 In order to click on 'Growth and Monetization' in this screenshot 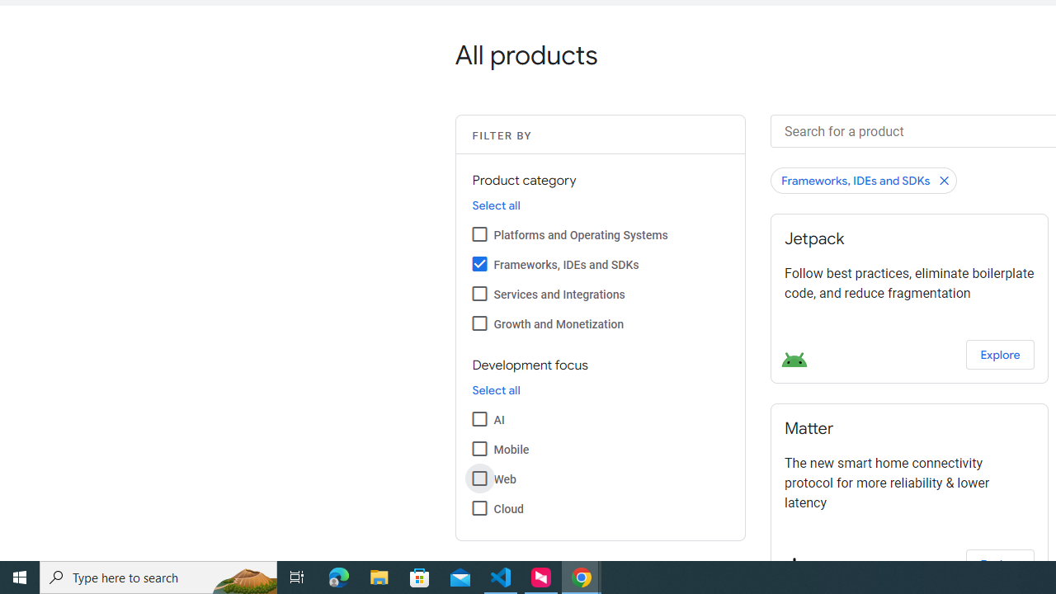, I will do `click(478, 323)`.